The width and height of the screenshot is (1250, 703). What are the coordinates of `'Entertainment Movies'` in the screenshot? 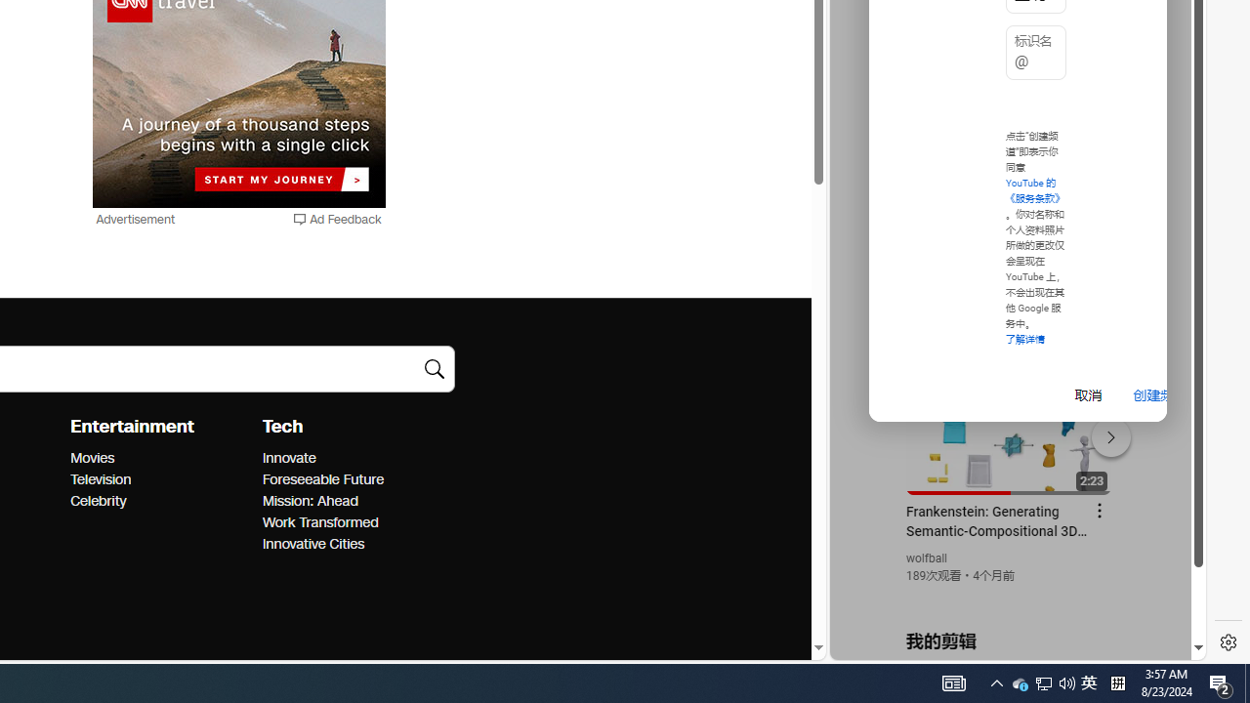 It's located at (91, 458).